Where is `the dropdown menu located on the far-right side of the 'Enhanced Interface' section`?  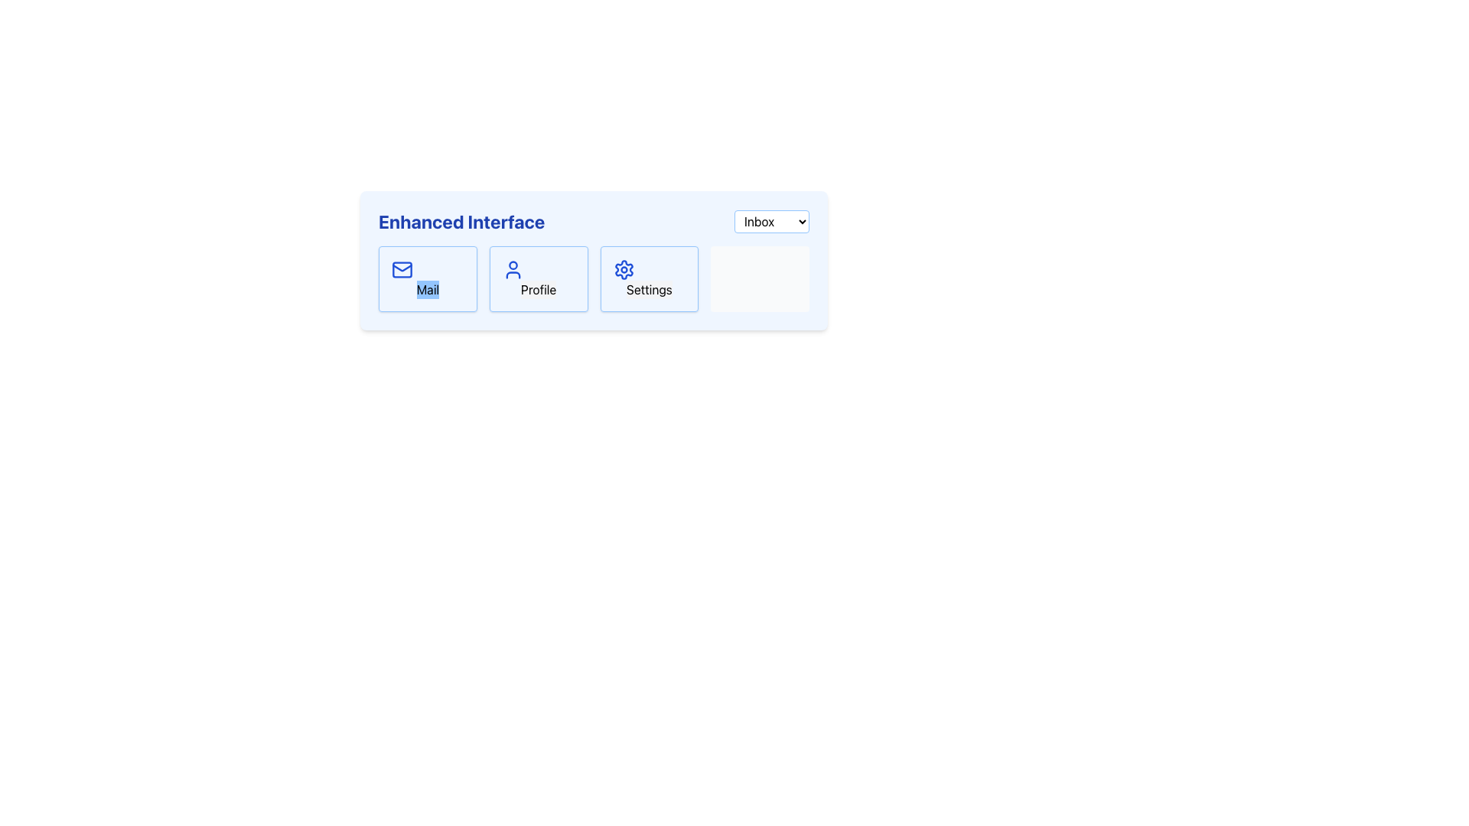 the dropdown menu located on the far-right side of the 'Enhanced Interface' section is located at coordinates (771, 221).